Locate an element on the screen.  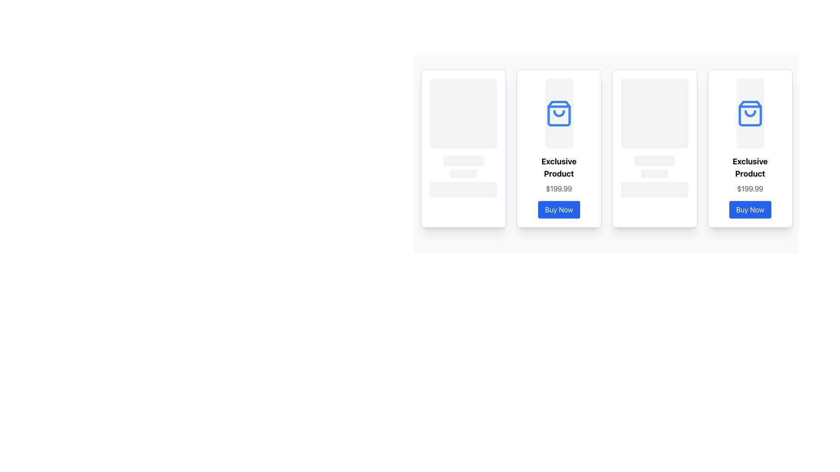
the placeholder or decorative bar located at the bottom of a card layout in the third column from the left, which may trigger hover effects is located at coordinates (654, 189).